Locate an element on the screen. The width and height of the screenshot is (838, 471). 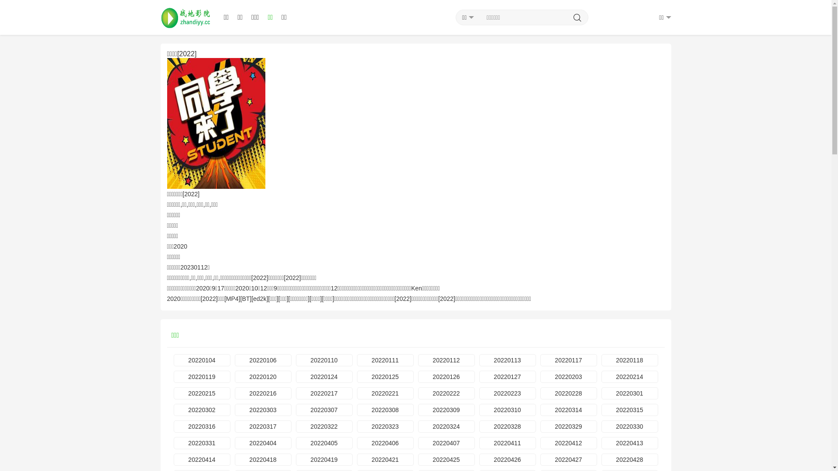
'20220428' is located at coordinates (630, 459).